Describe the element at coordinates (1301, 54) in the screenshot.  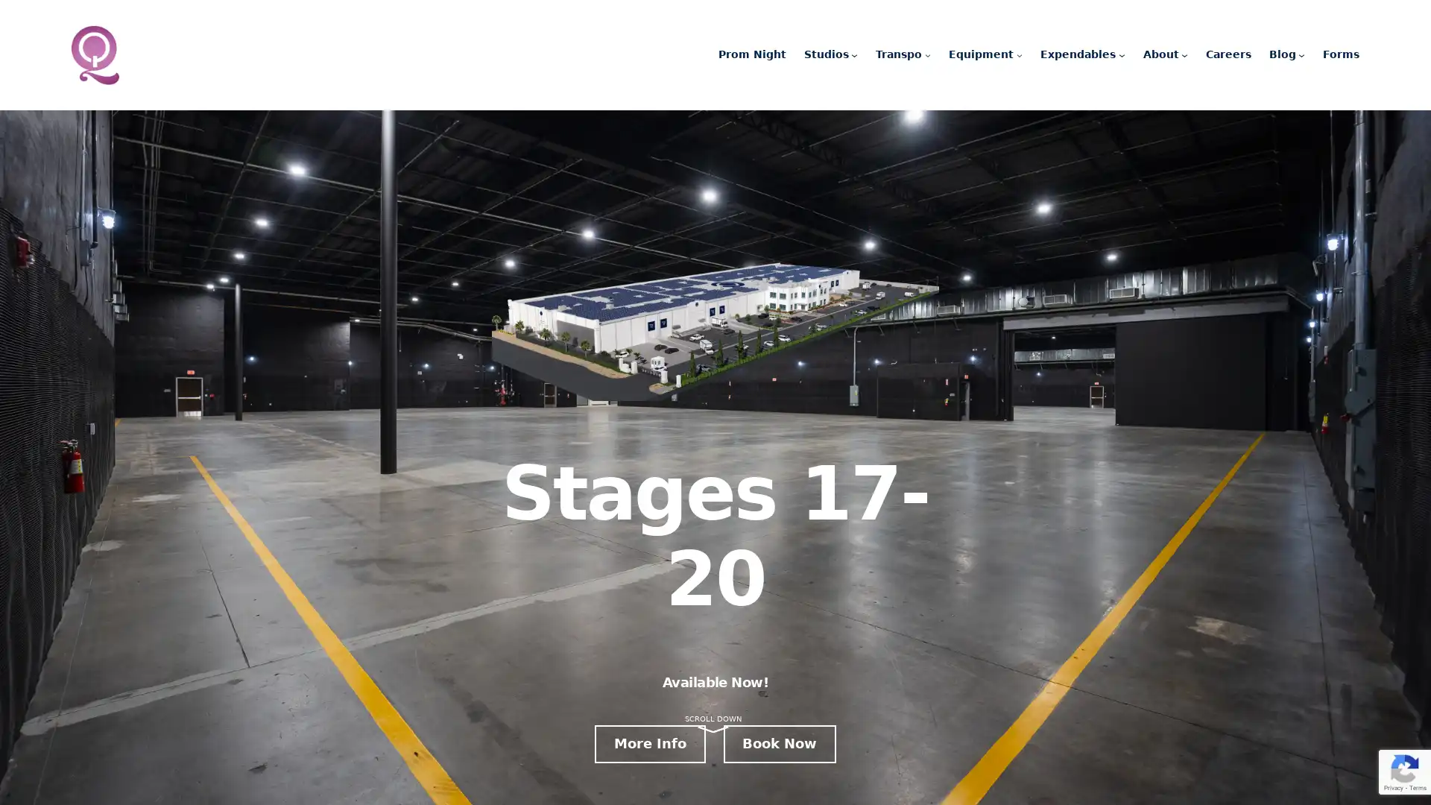
I see `Blog submenu` at that location.